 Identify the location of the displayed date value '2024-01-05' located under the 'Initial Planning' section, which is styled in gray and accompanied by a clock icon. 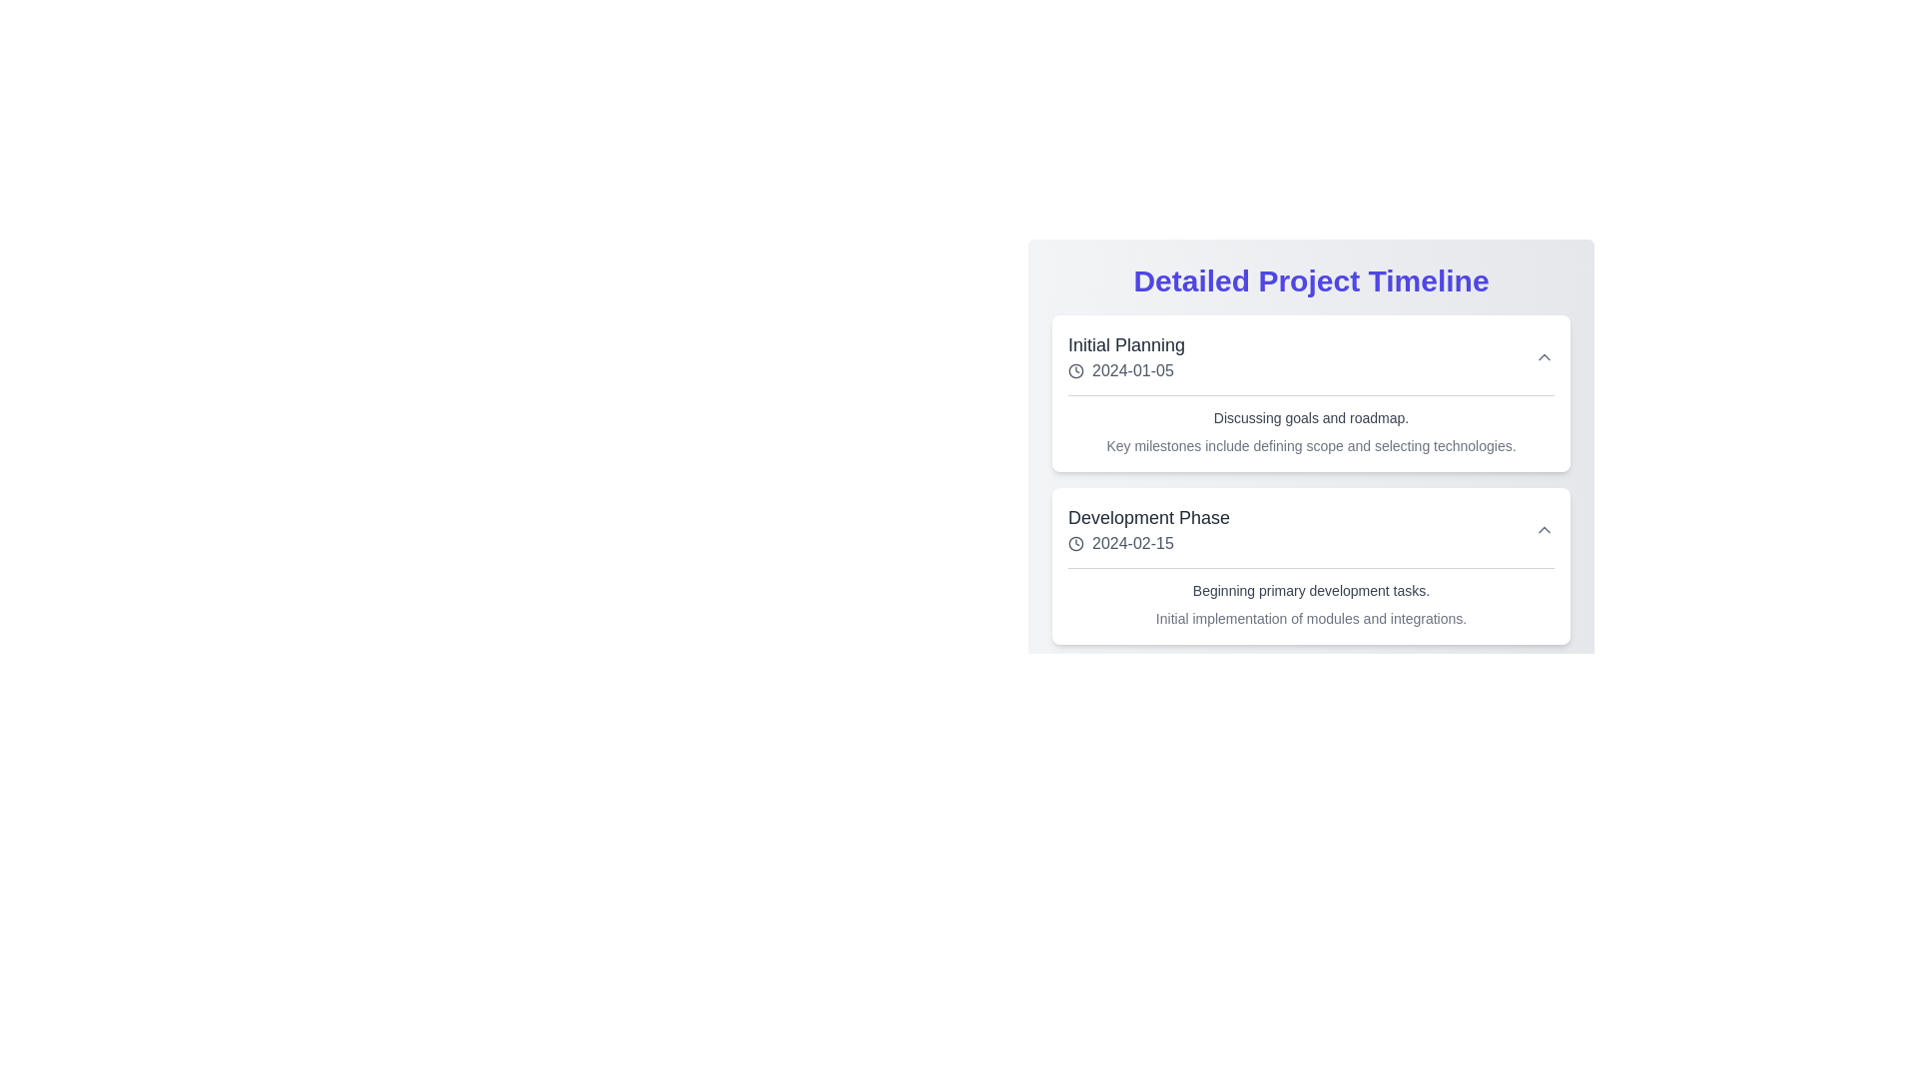
(1126, 370).